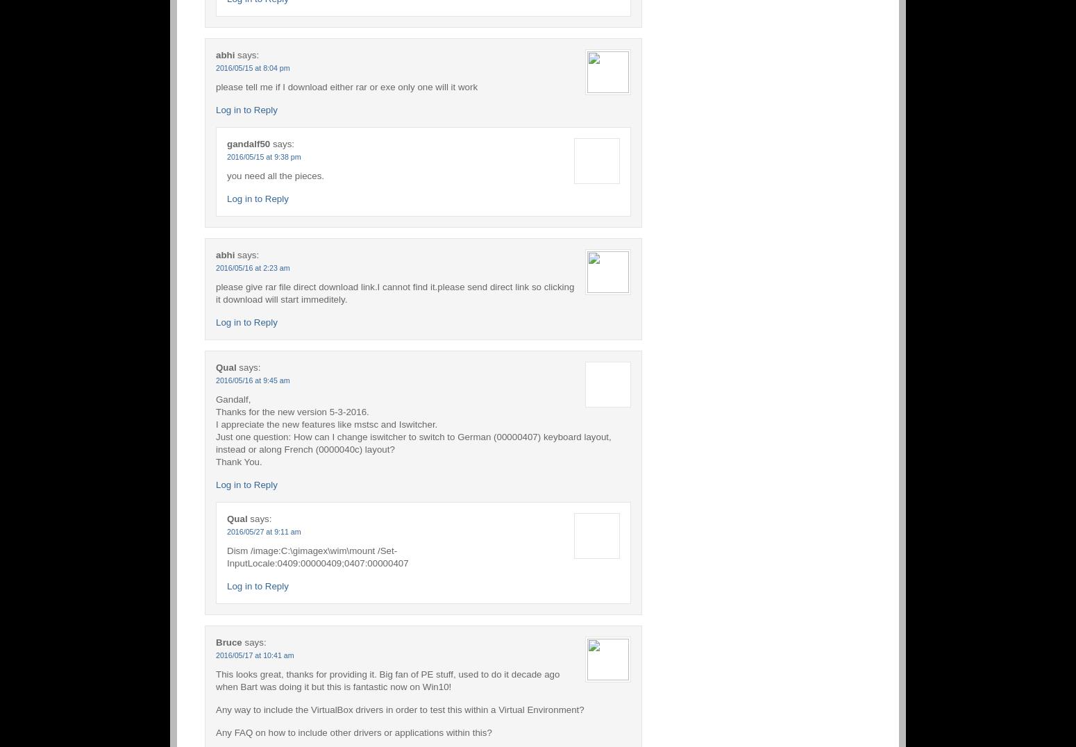 This screenshot has width=1076, height=747. What do you see at coordinates (215, 266) in the screenshot?
I see `'2016/05/16 at 2:23 am'` at bounding box center [215, 266].